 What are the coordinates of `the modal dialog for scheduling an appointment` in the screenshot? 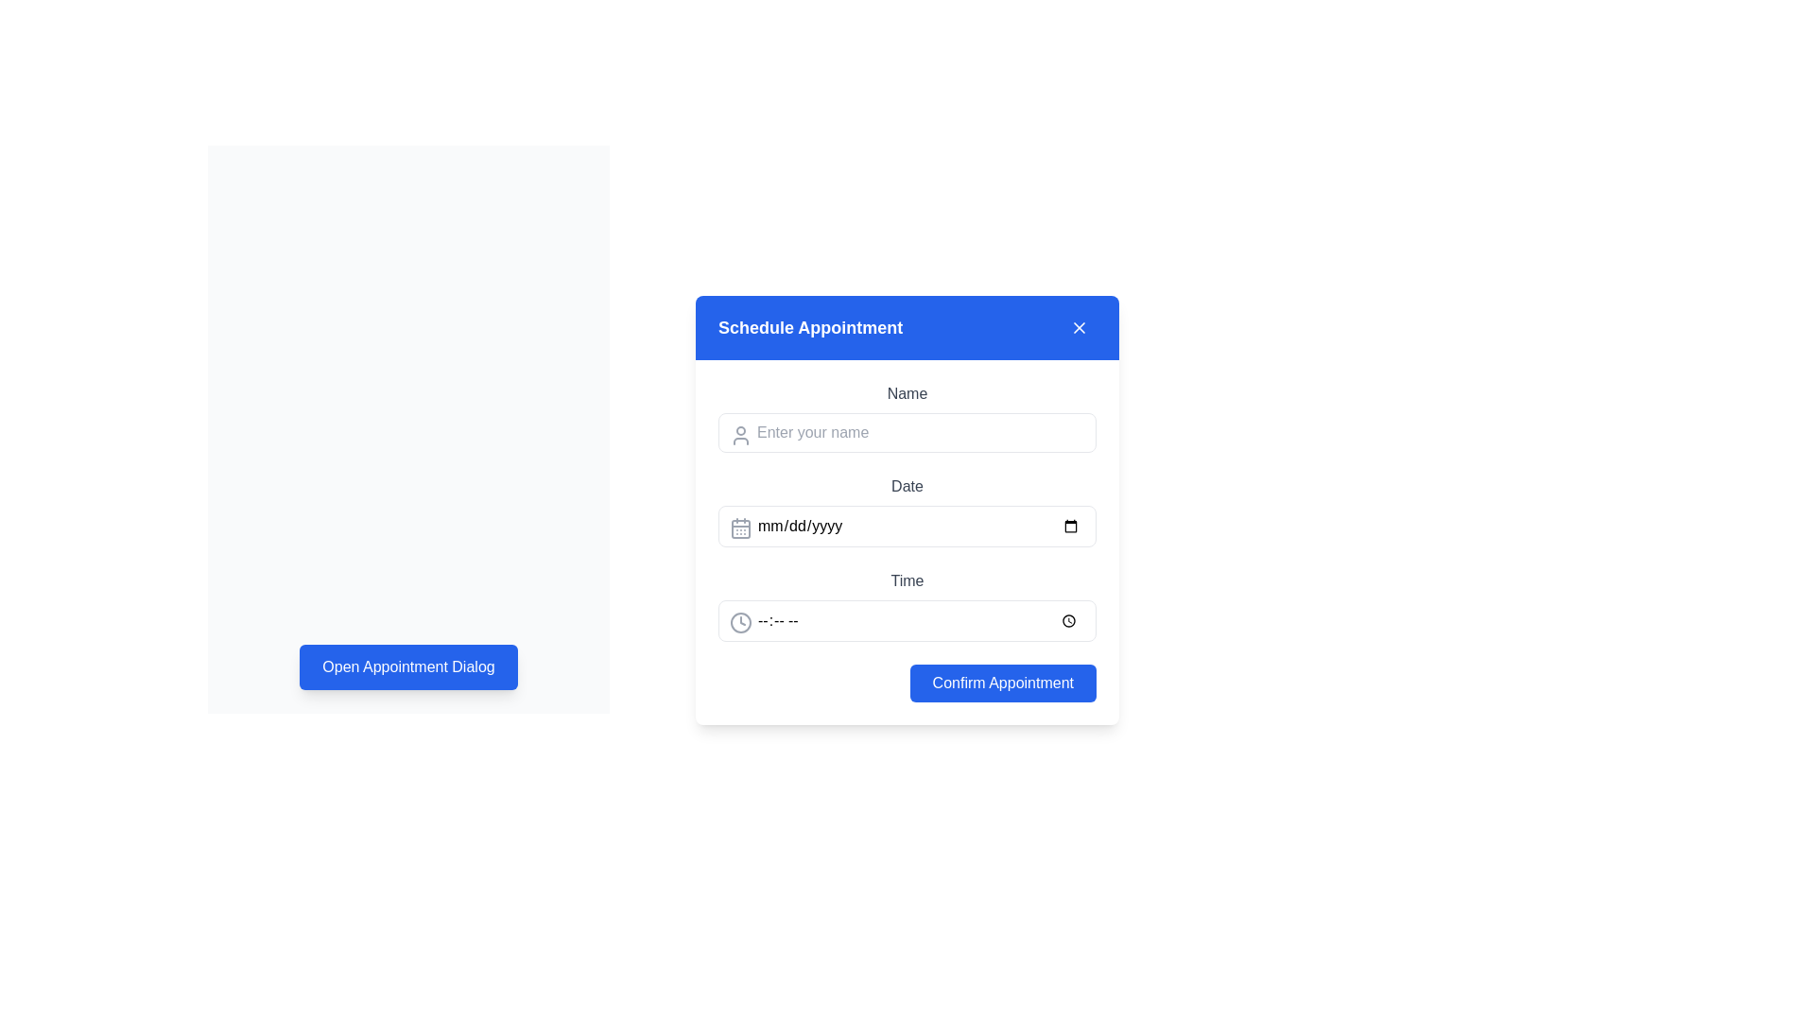 It's located at (907, 510).